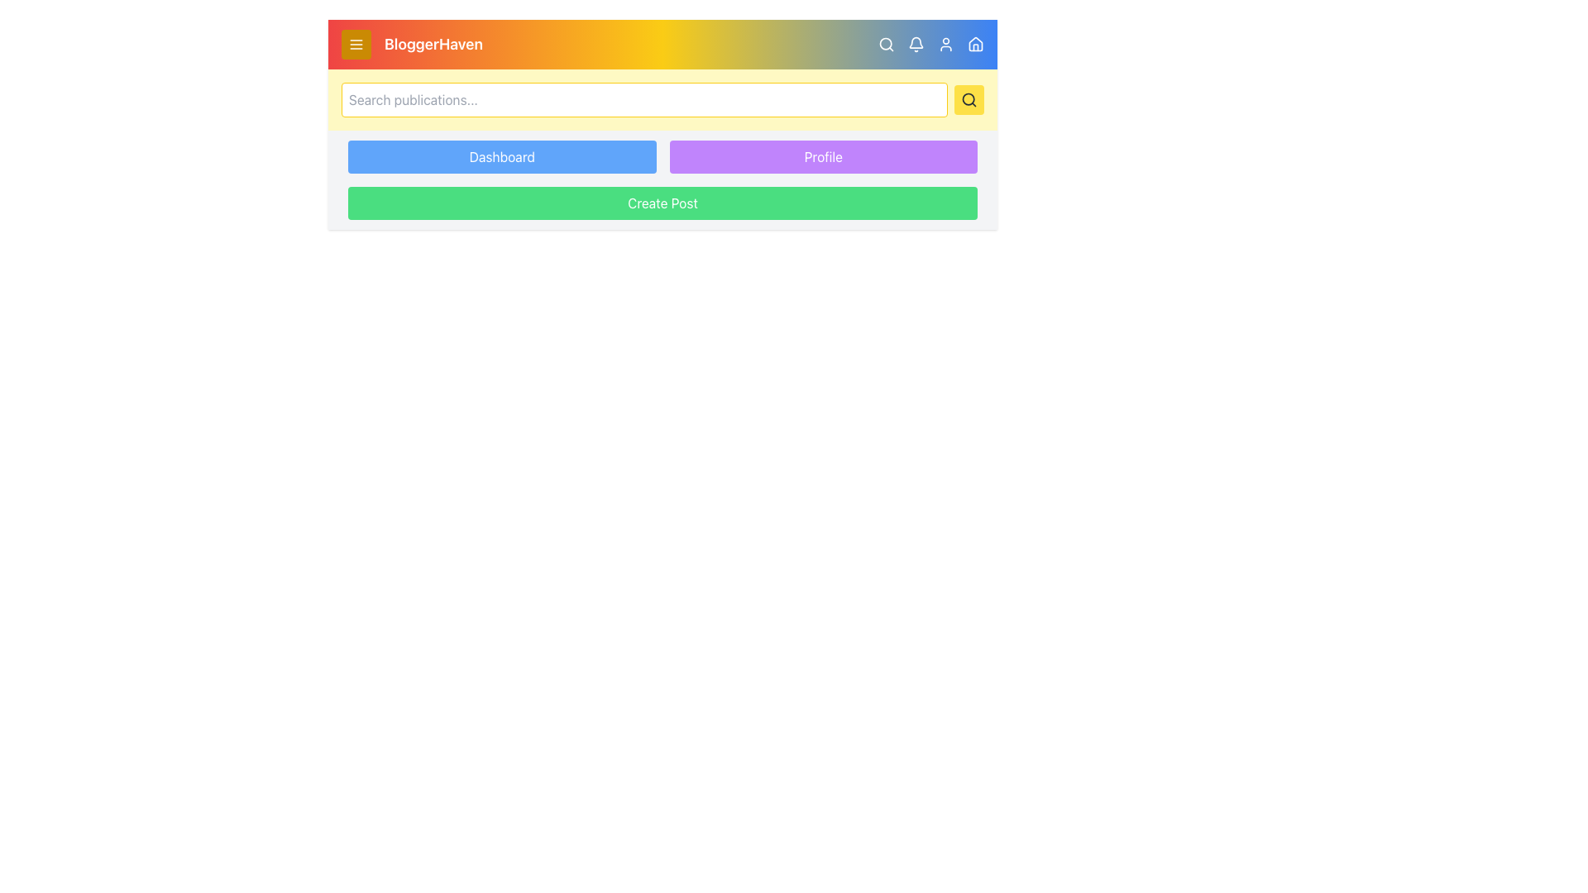 The height and width of the screenshot is (893, 1588). Describe the element at coordinates (412, 44) in the screenshot. I see `the text label 'BloggerHaven' which is styled in white, bold font on the left side of the header bar adjacent to the hamburger menu icon` at that location.